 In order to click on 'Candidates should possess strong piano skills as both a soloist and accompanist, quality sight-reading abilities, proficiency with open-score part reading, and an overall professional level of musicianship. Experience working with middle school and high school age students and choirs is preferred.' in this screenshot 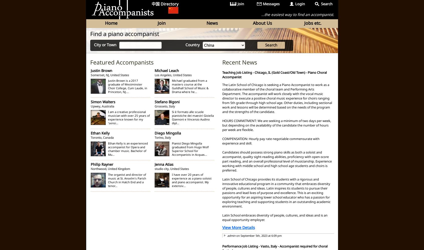, I will do `click(277, 161)`.